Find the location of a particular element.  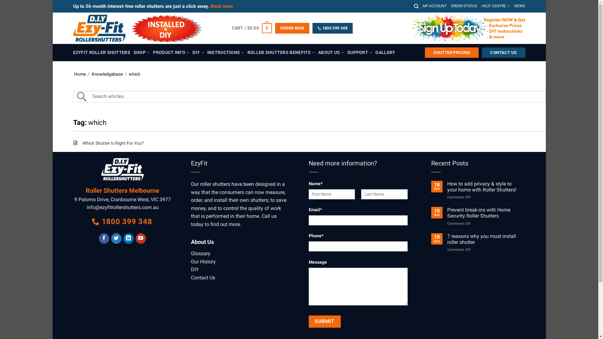

'1800 399 348' is located at coordinates (332, 28).